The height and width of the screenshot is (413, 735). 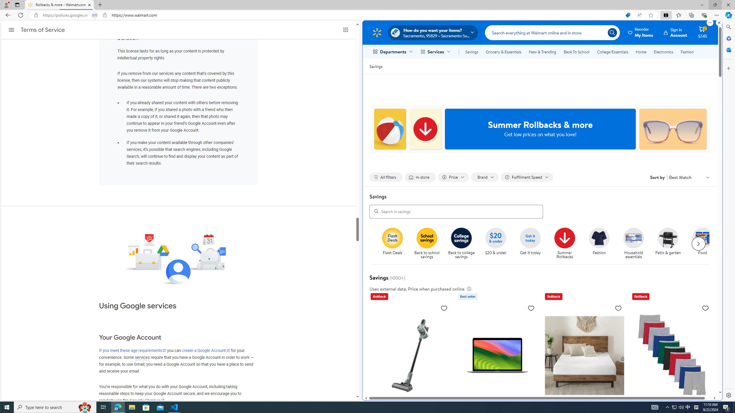 What do you see at coordinates (627, 15) in the screenshot?
I see `'This site has coupons! Shopping in Microsoft Edge, 7'` at bounding box center [627, 15].